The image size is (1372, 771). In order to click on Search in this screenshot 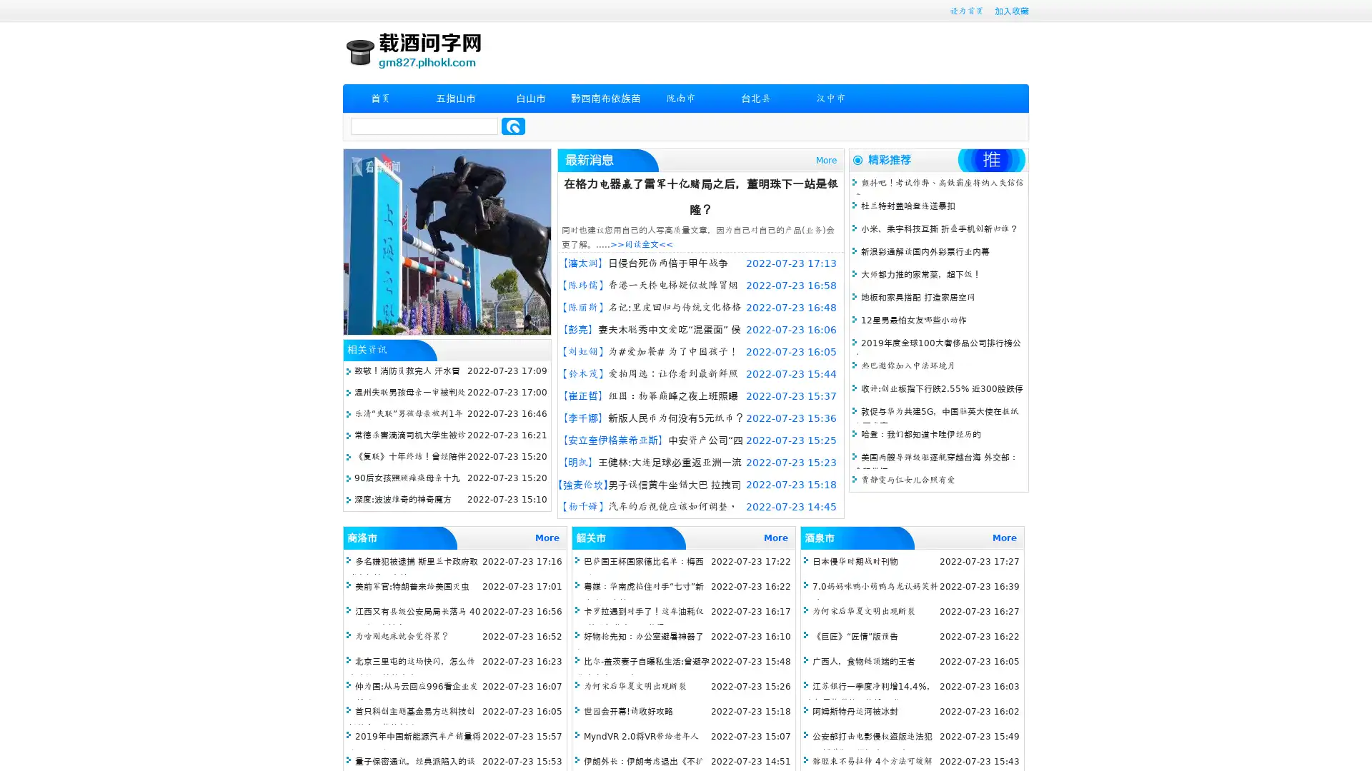, I will do `click(513, 126)`.